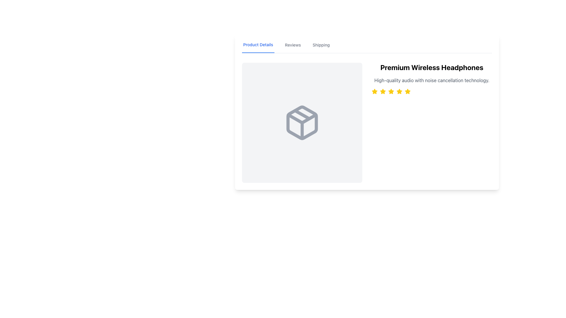 This screenshot has height=318, width=566. What do you see at coordinates (258, 47) in the screenshot?
I see `the Navigation tab located in the top left section of the viewport` at bounding box center [258, 47].